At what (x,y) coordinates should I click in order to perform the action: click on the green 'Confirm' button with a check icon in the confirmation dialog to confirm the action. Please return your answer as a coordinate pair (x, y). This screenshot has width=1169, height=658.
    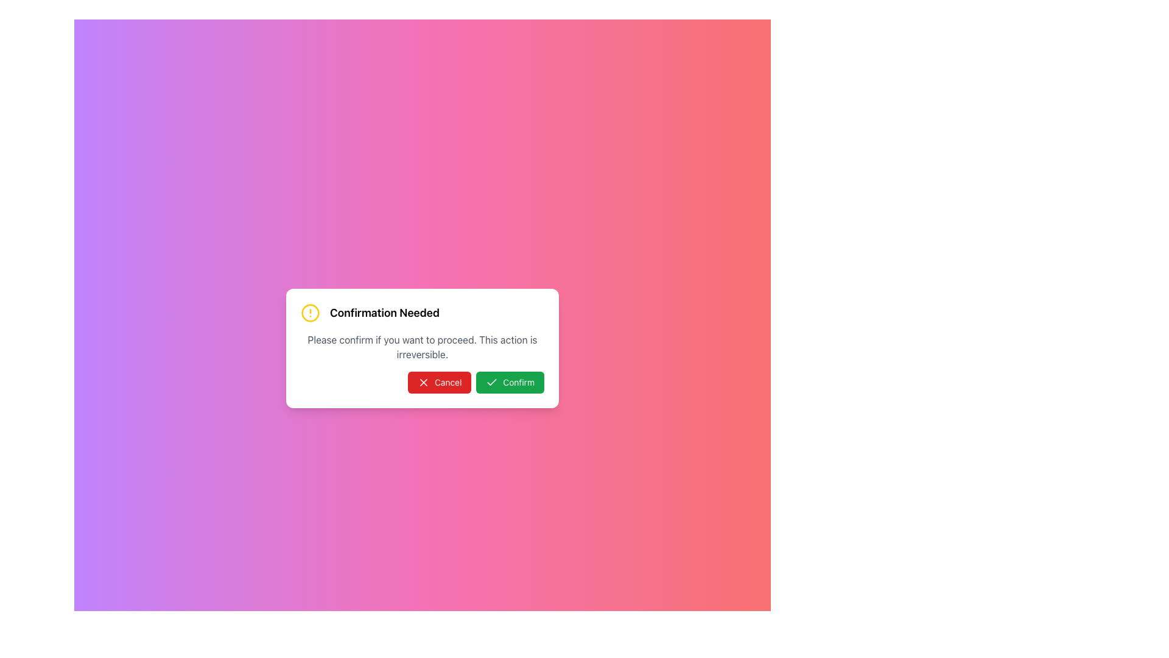
    Looking at the image, I should click on (510, 382).